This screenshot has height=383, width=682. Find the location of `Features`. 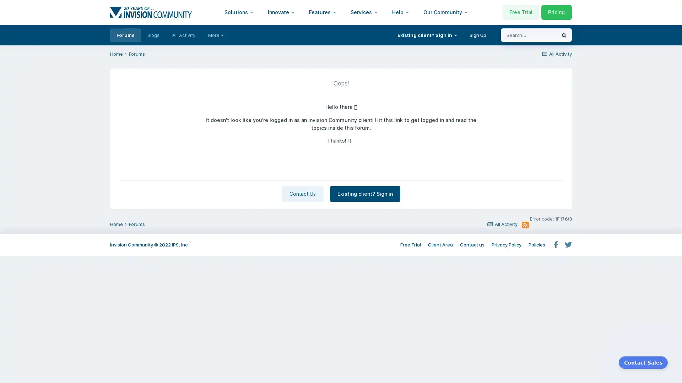

Features is located at coordinates (322, 12).